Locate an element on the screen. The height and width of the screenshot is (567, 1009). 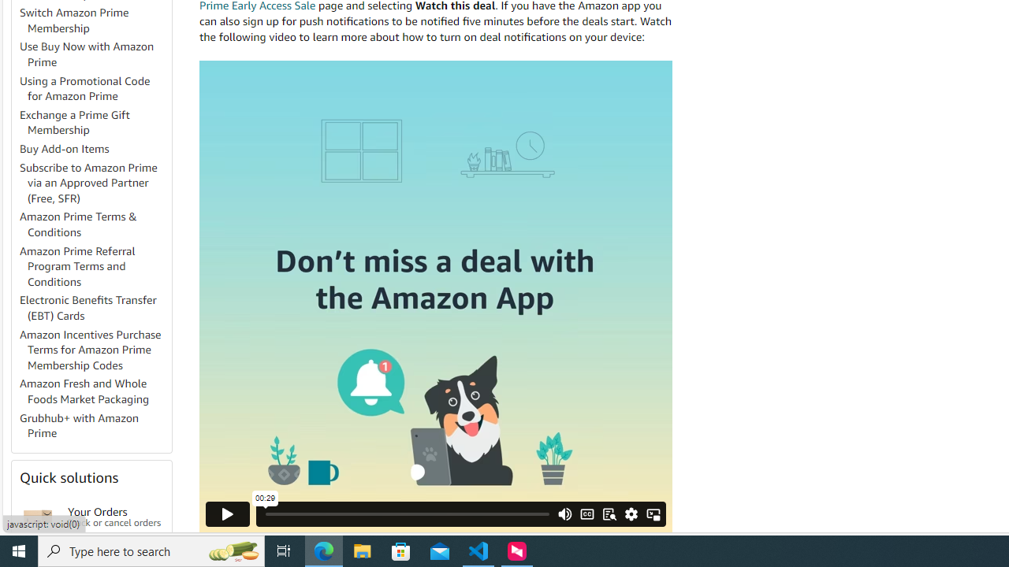
'Use Buy Now with Amazon Prime' is located at coordinates (86, 54).